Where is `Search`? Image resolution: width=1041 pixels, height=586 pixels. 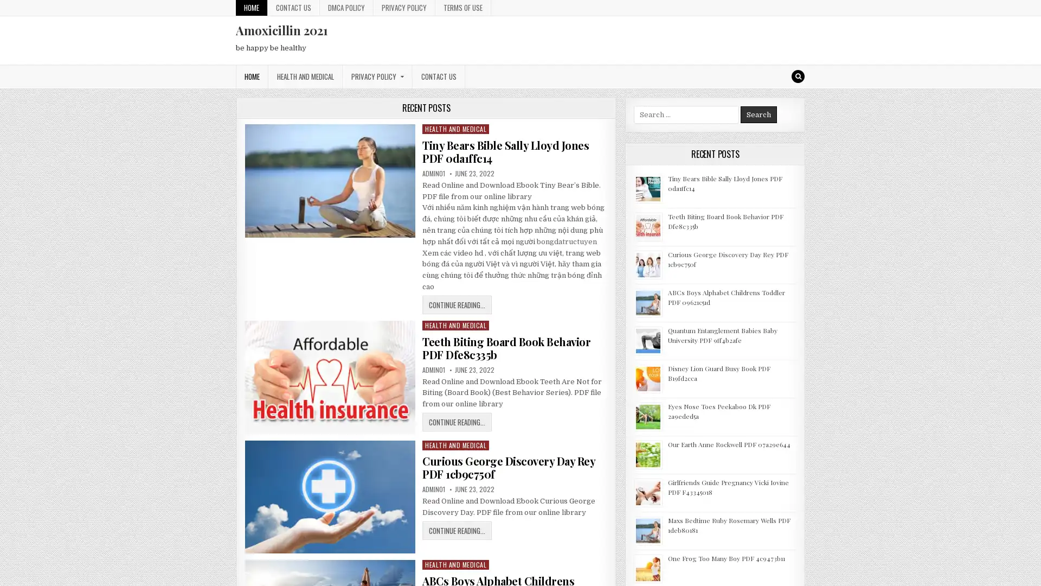
Search is located at coordinates (758, 114).